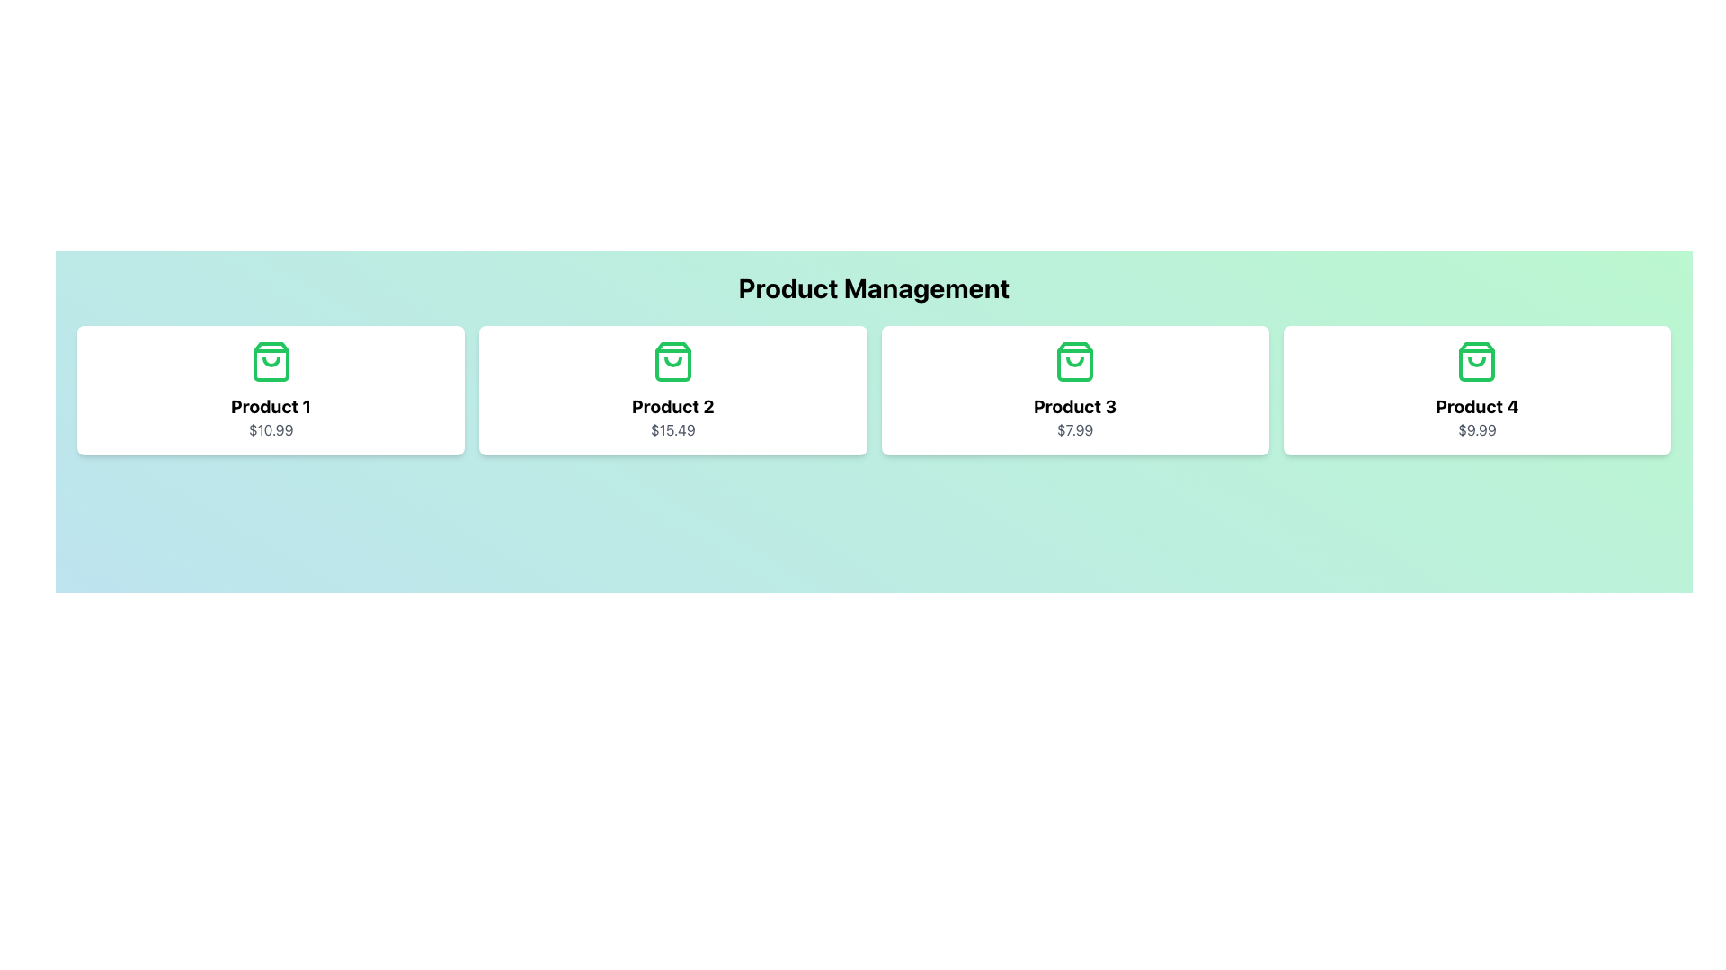 The width and height of the screenshot is (1726, 970). What do you see at coordinates (1477, 429) in the screenshot?
I see `the price text for 'Product 4' located at the bottom of the card` at bounding box center [1477, 429].